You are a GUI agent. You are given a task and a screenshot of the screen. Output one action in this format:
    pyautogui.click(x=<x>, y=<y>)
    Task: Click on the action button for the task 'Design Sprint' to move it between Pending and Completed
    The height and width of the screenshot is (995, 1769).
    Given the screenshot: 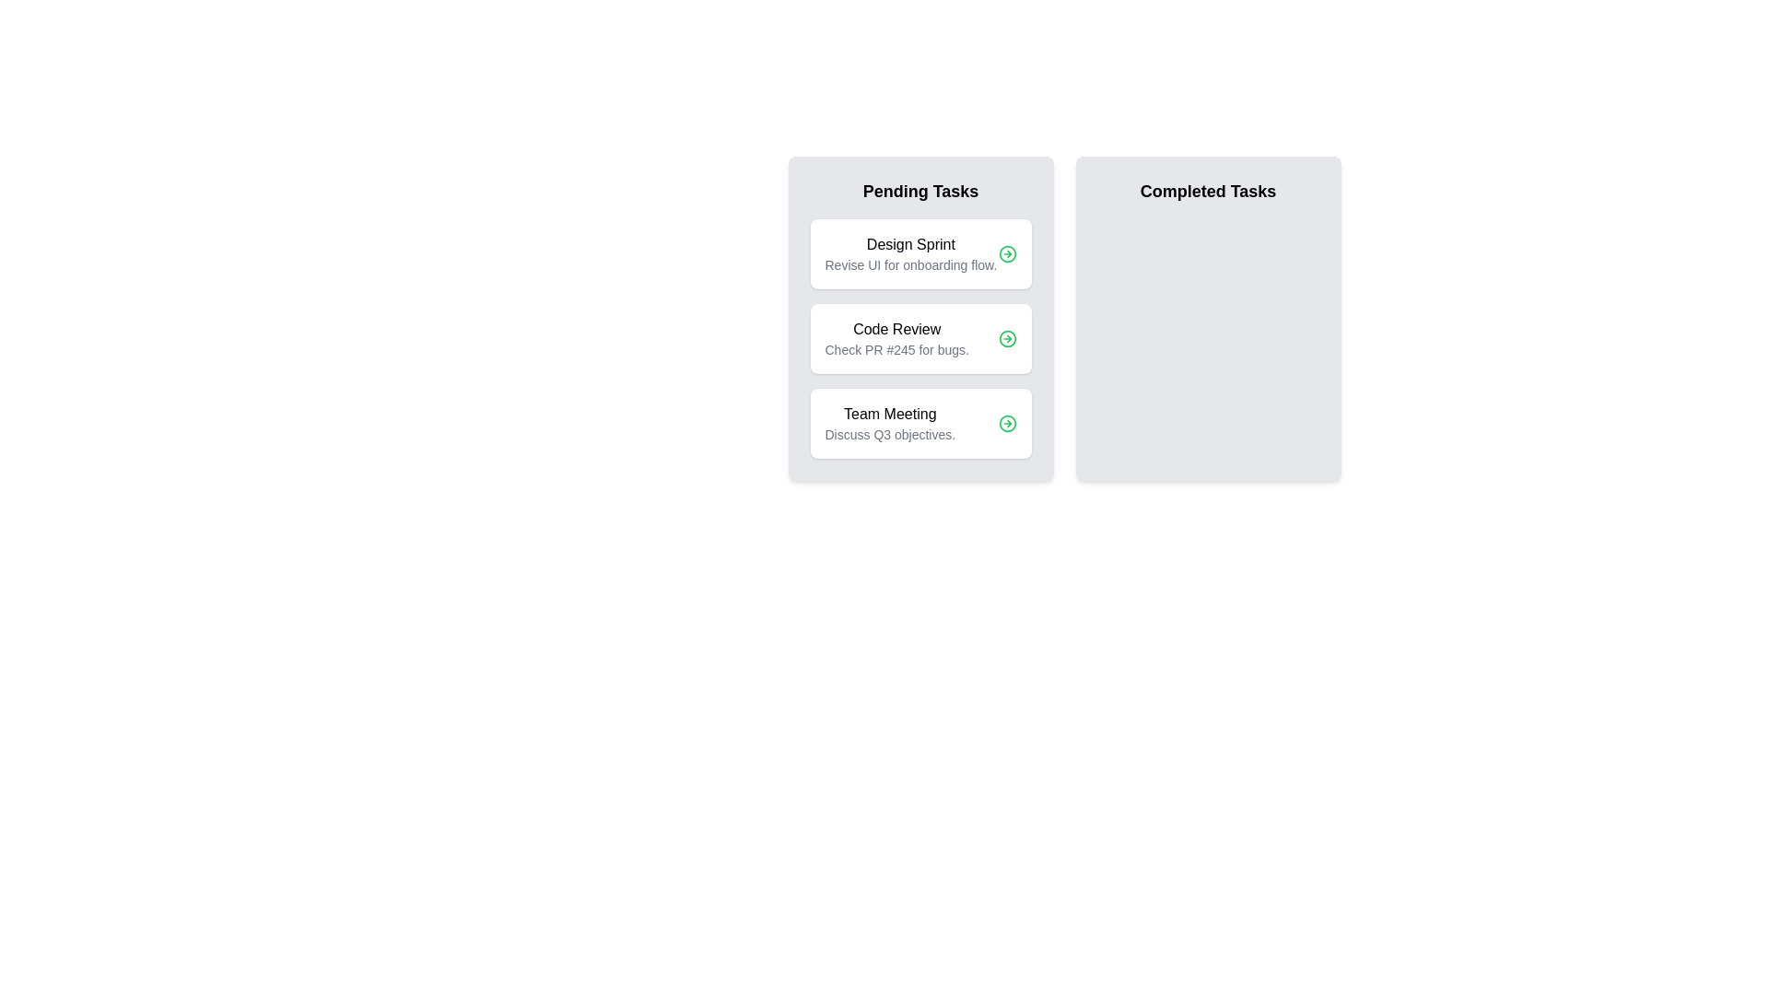 What is the action you would take?
    pyautogui.click(x=1006, y=254)
    